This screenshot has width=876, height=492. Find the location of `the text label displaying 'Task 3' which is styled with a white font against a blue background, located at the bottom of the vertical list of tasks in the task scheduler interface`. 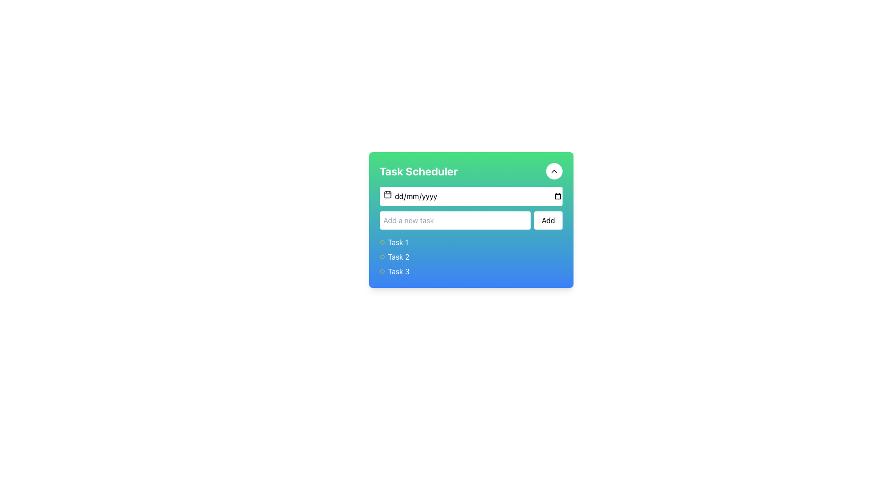

the text label displaying 'Task 3' which is styled with a white font against a blue background, located at the bottom of the vertical list of tasks in the task scheduler interface is located at coordinates (398, 271).